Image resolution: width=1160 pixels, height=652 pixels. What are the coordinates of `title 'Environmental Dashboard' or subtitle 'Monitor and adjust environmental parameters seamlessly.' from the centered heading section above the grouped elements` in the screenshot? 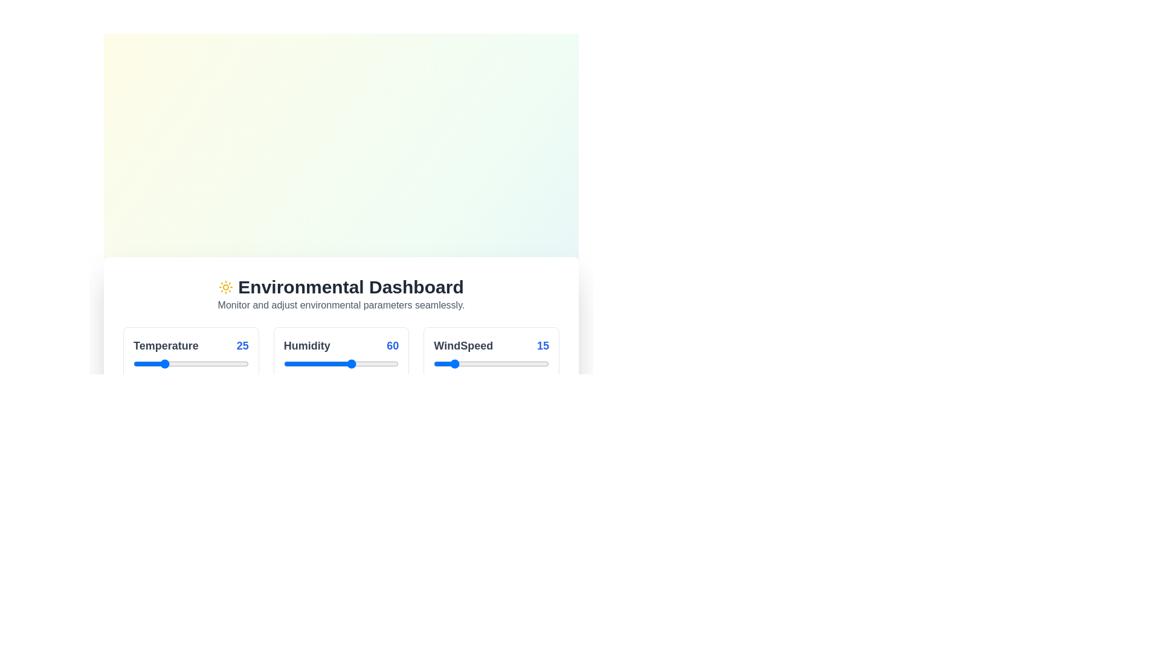 It's located at (341, 294).